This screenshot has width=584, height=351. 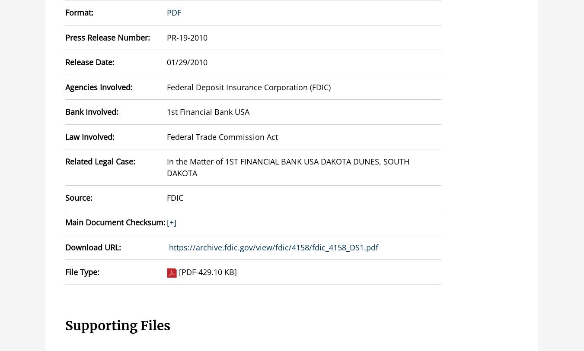 What do you see at coordinates (178, 272) in the screenshot?
I see `'[PDF-429.10 KB]'` at bounding box center [178, 272].